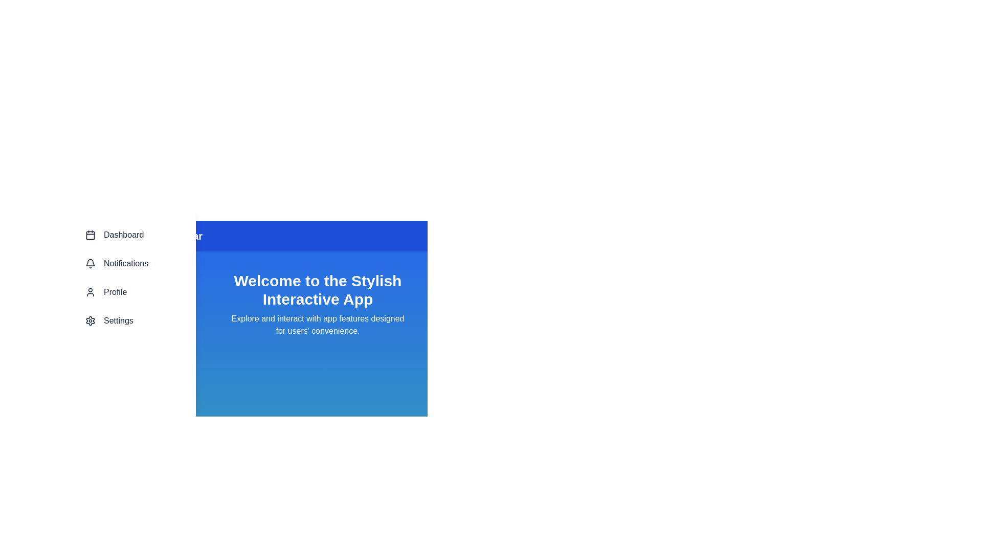  I want to click on the Profile section in the navigation bar to navigate to it, so click(129, 292).